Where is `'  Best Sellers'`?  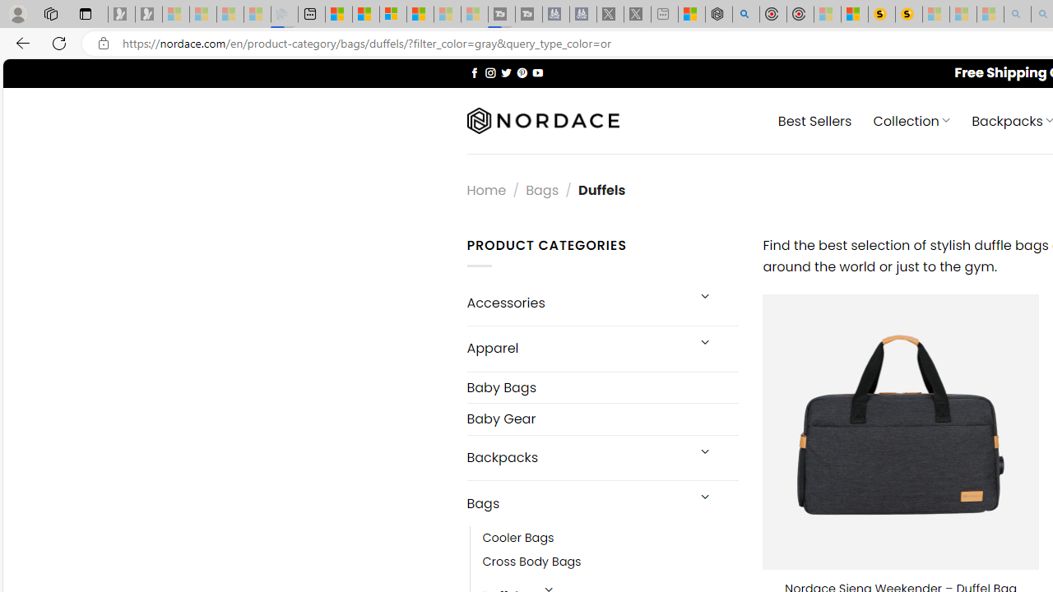
'  Best Sellers' is located at coordinates (814, 119).